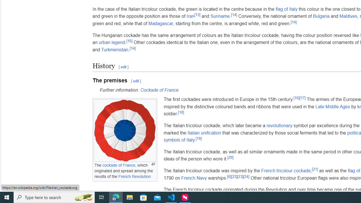  I want to click on 'Class: mw-file-element', so click(124, 131).